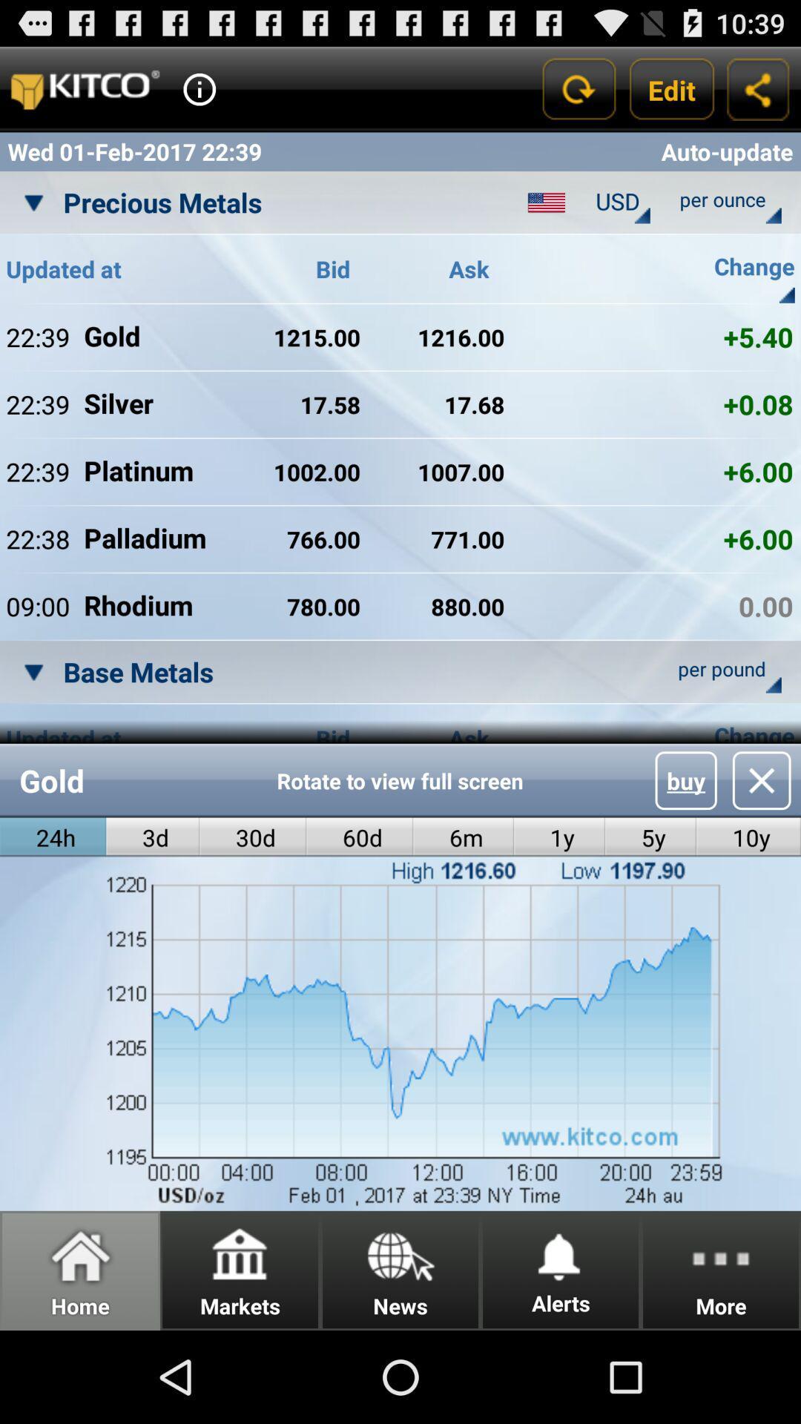 The image size is (801, 1424). What do you see at coordinates (252, 837) in the screenshot?
I see `the app below gold app` at bounding box center [252, 837].